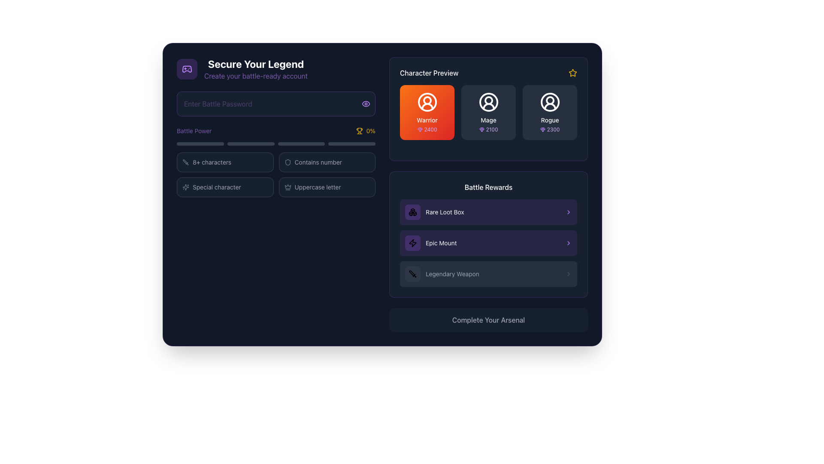  I want to click on instructional text label positioned below the primary heading 'Secure Your Legend' to understand its message, so click(255, 76).